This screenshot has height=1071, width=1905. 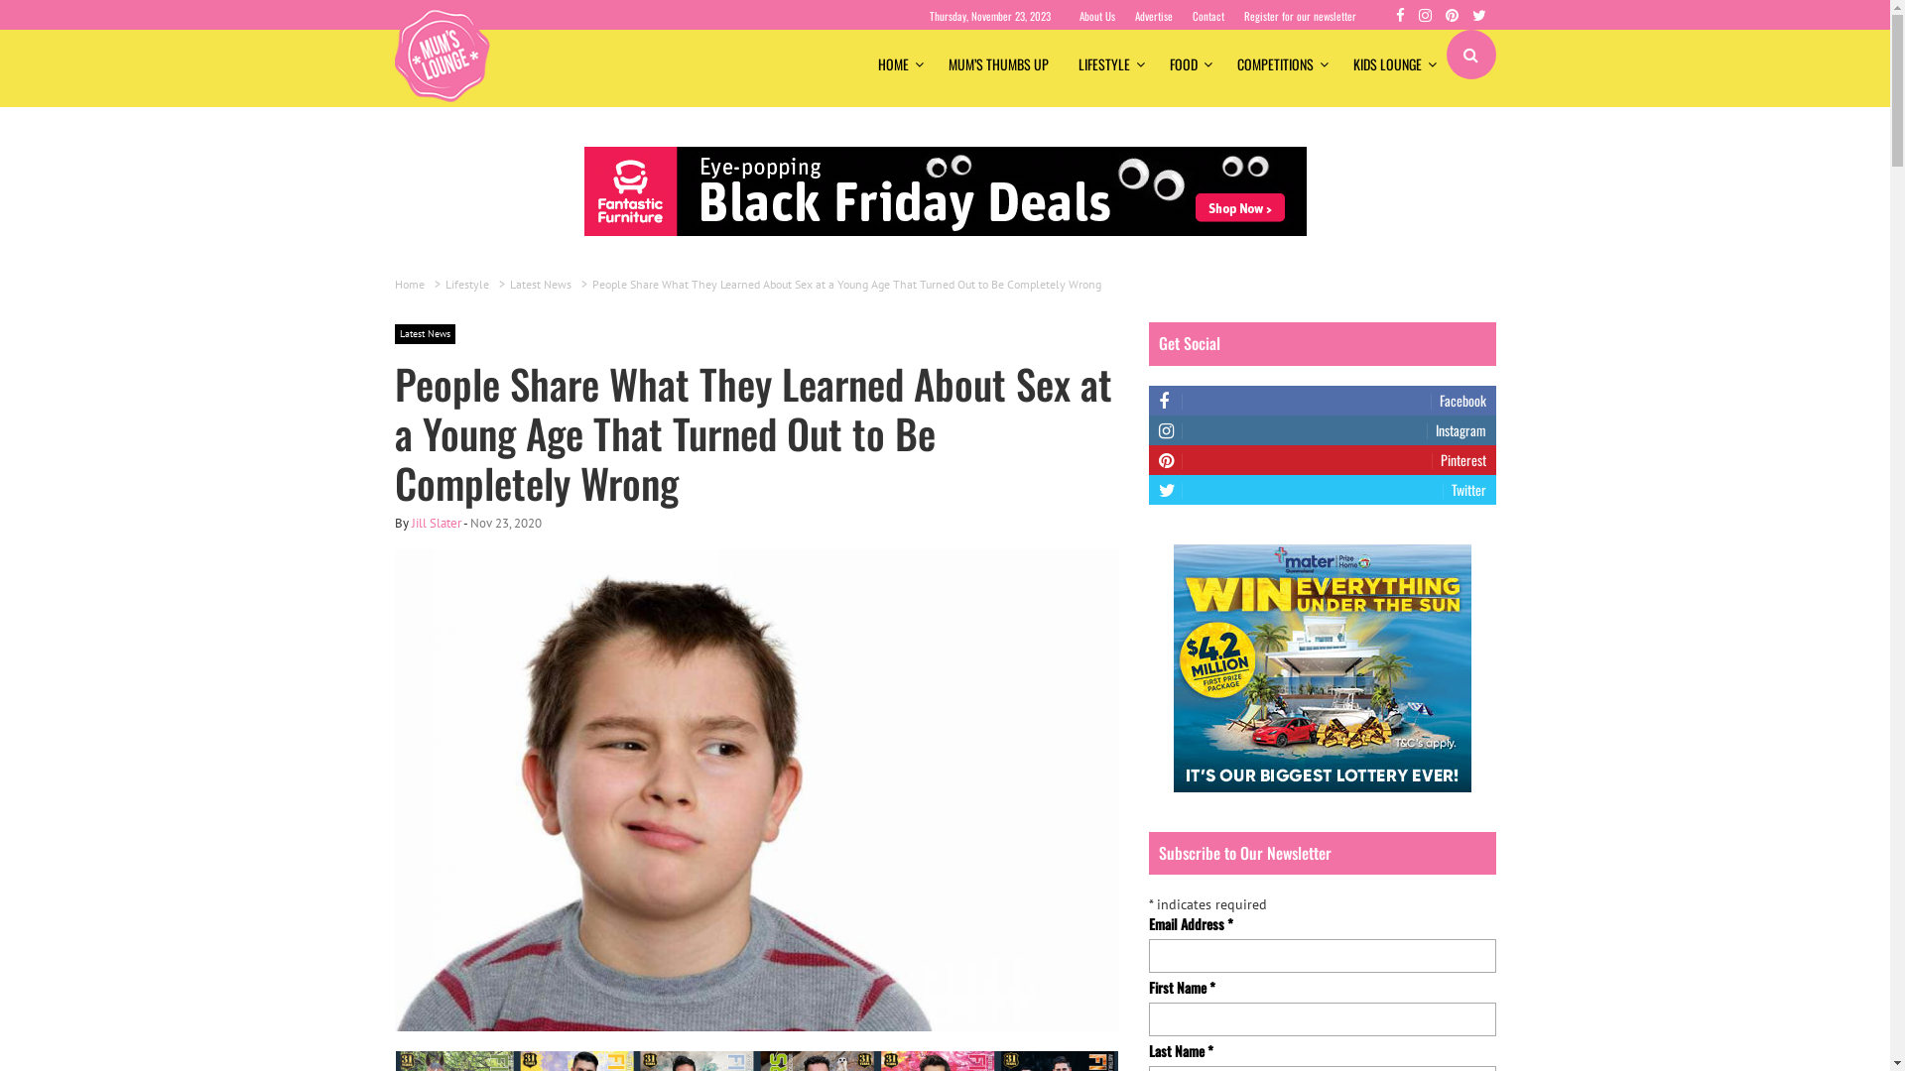 What do you see at coordinates (1390, 63) in the screenshot?
I see `'KIDS LOUNGE'` at bounding box center [1390, 63].